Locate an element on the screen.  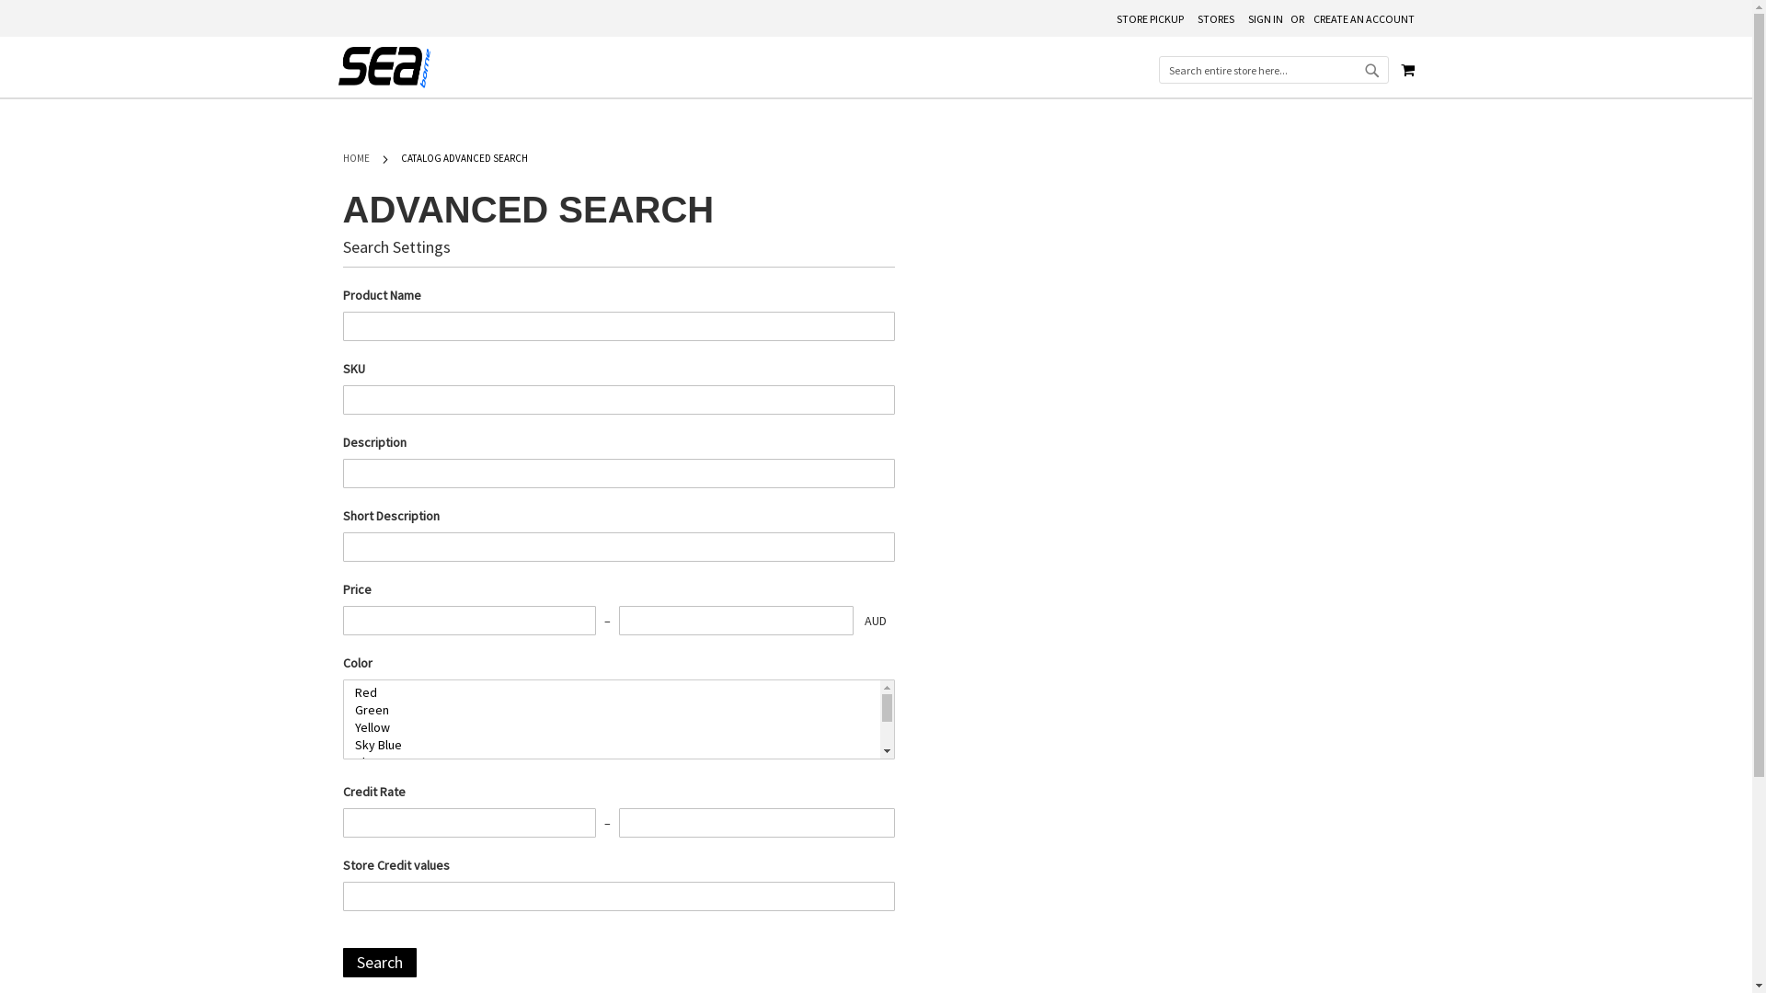
'Seaborne Clothing Custom Sports and School Uniforms' is located at coordinates (383, 66).